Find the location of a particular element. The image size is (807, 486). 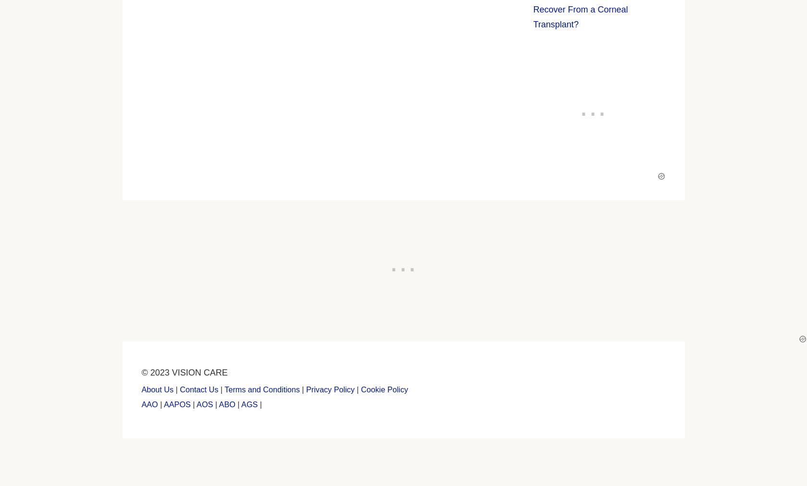

'AAO' is located at coordinates (149, 403).